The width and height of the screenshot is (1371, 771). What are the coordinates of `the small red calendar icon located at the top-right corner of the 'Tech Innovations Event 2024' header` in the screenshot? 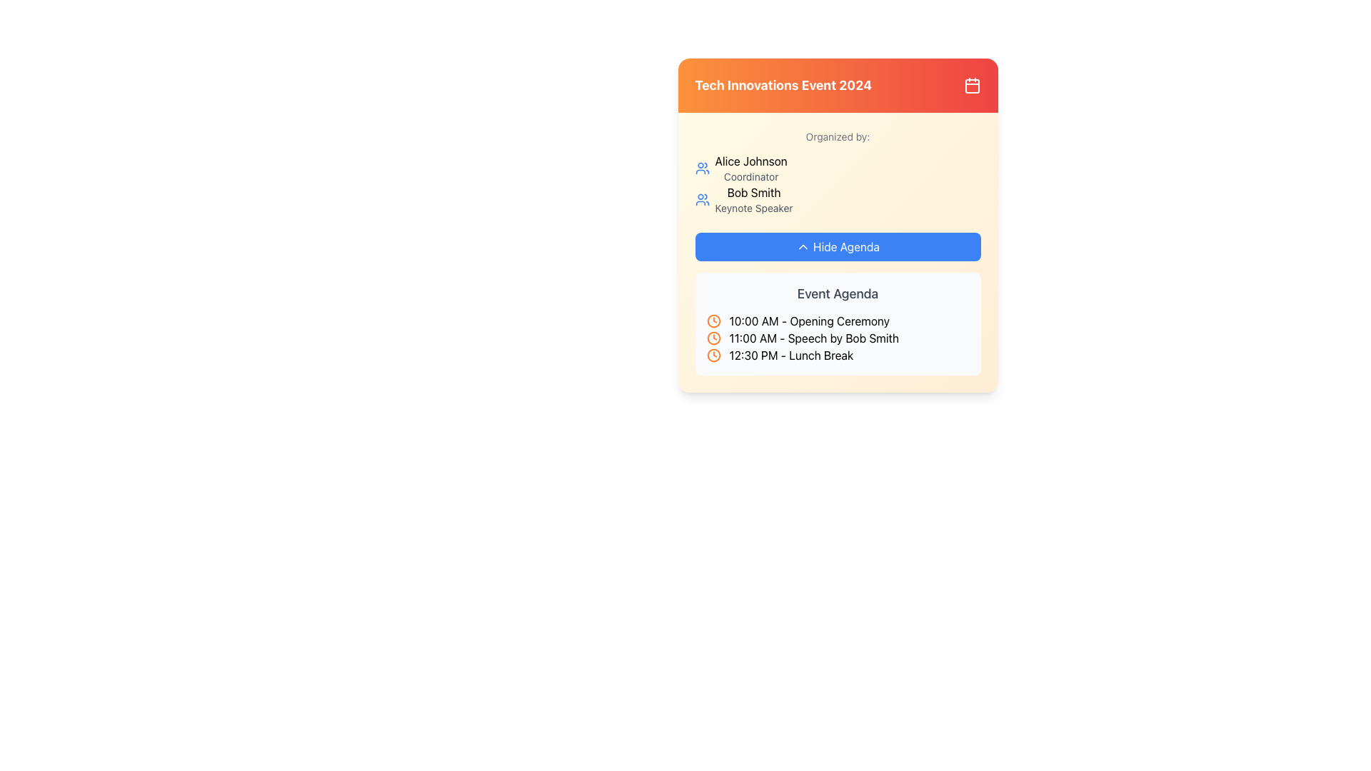 It's located at (971, 85).